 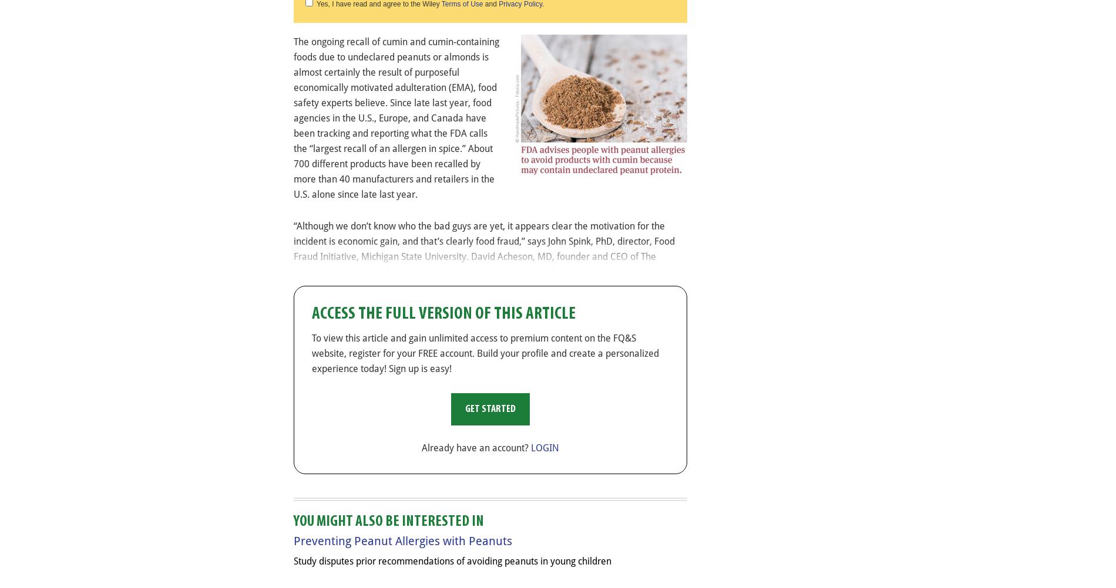 I want to click on 'LOGIN', so click(x=544, y=447).